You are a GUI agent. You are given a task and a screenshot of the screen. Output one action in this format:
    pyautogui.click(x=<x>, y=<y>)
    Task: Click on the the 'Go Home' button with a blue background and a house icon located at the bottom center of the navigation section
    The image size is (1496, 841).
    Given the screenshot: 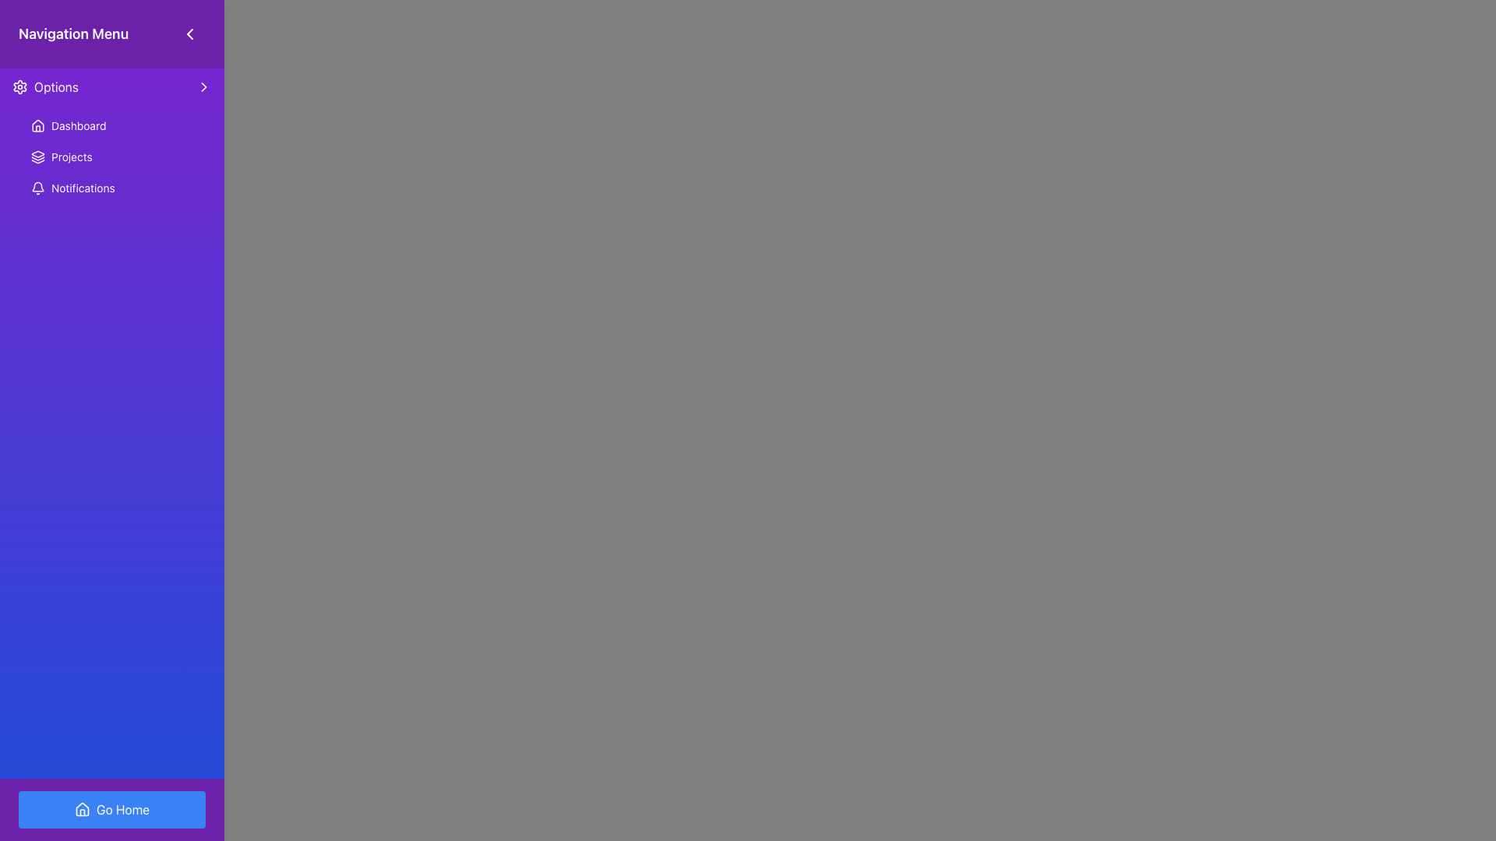 What is the action you would take?
    pyautogui.click(x=111, y=809)
    